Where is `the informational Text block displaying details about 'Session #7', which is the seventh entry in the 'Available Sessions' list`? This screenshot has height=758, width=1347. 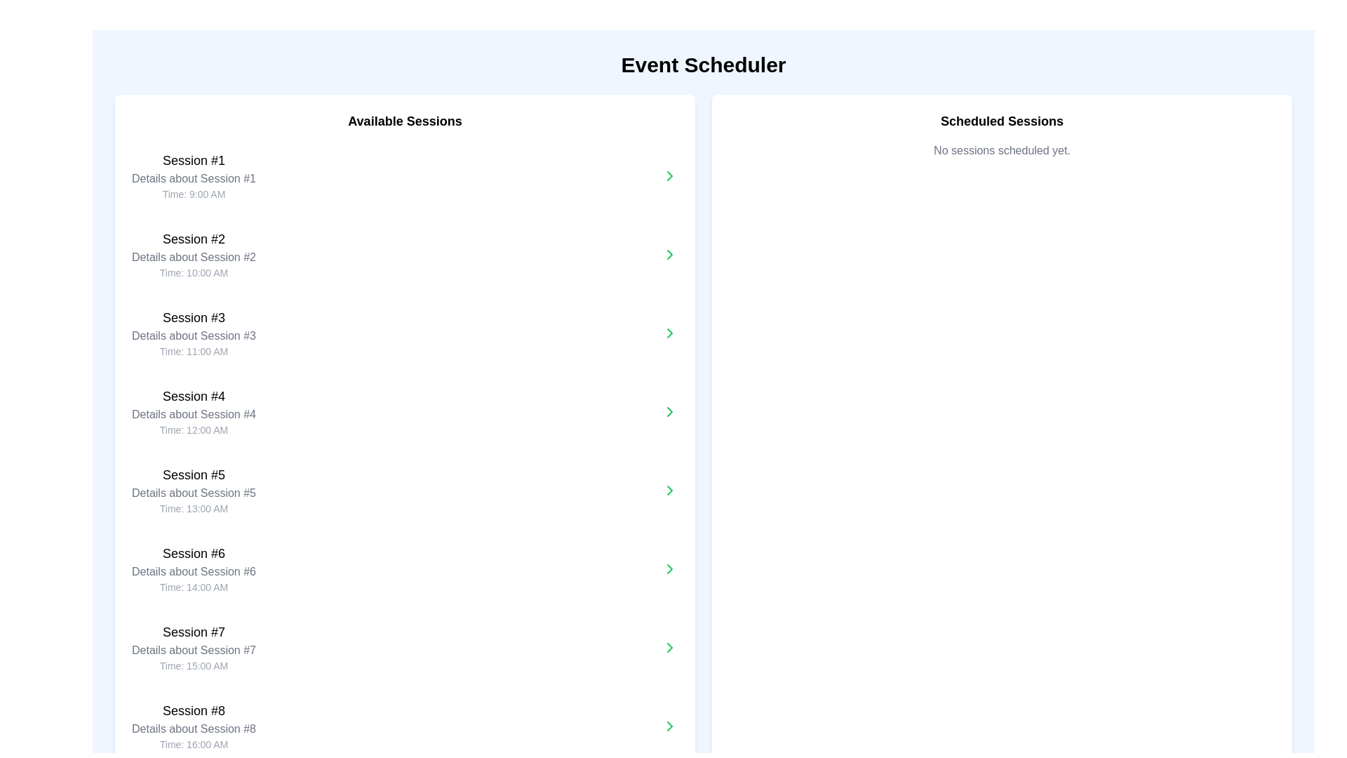 the informational Text block displaying details about 'Session #7', which is the seventh entry in the 'Available Sessions' list is located at coordinates (193, 647).